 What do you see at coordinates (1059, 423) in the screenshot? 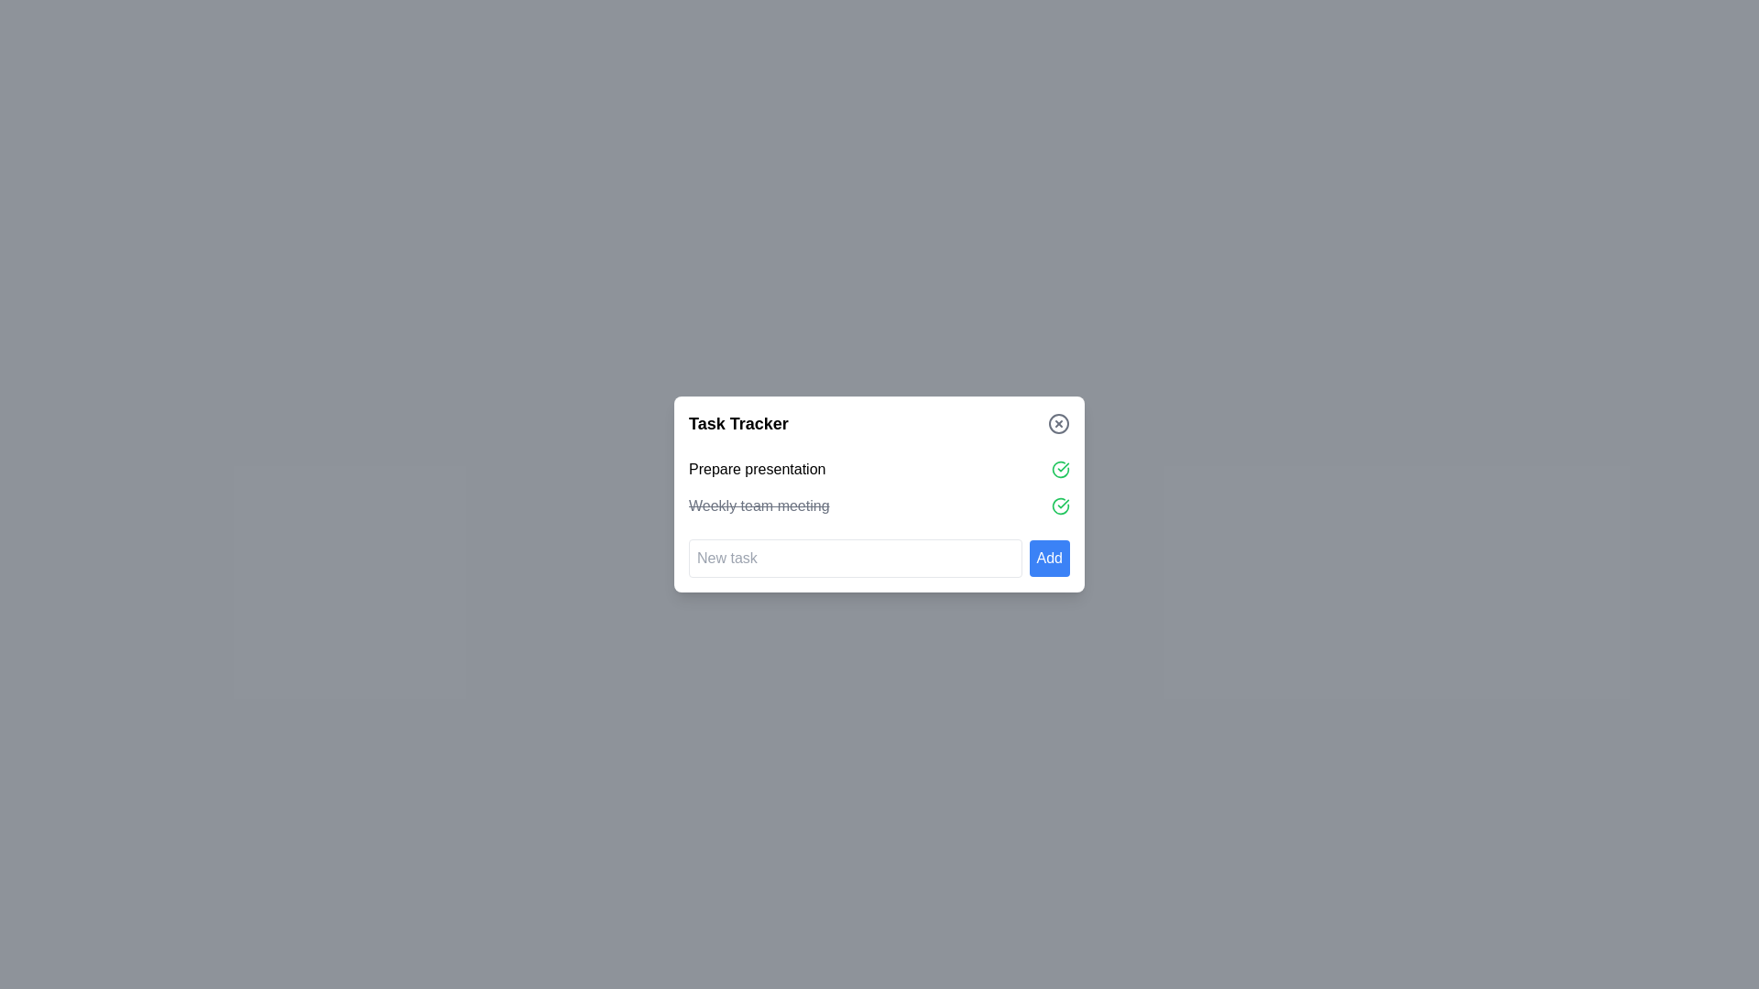
I see `the circular shape with a border in the top-right corner of the 'Task Tracker' box, which is part of an icon representing a close or cancel action` at bounding box center [1059, 423].